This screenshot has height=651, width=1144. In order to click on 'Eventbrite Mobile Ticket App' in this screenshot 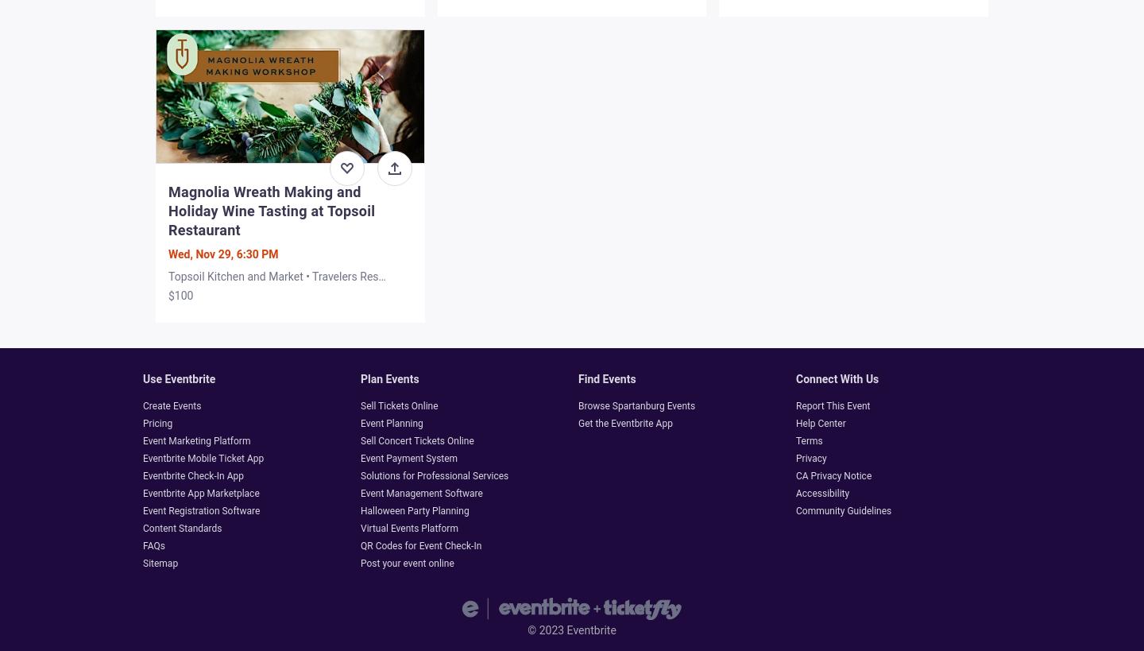, I will do `click(203, 458)`.